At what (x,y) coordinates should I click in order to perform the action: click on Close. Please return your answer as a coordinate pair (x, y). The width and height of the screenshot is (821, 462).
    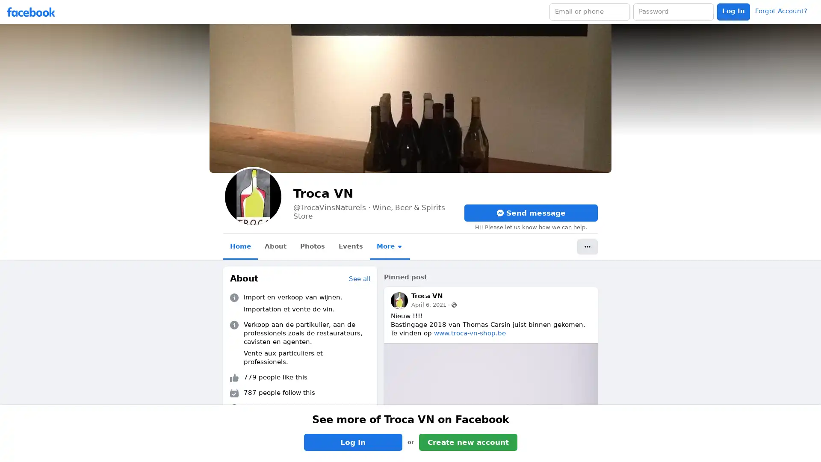
    Looking at the image, I should click on (513, 203).